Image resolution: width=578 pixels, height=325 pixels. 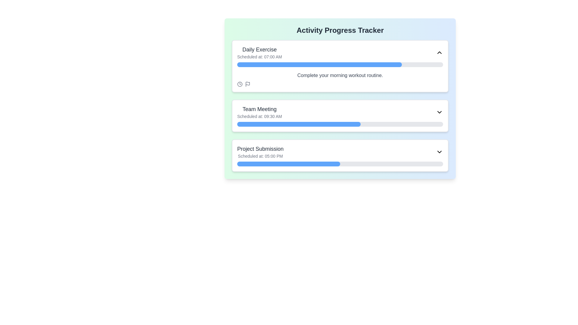 What do you see at coordinates (288, 164) in the screenshot?
I see `the filled portion of the progress bar indicating 50% completion of the 'Project Submission' task, located in the bottom half of the interface within the third card` at bounding box center [288, 164].